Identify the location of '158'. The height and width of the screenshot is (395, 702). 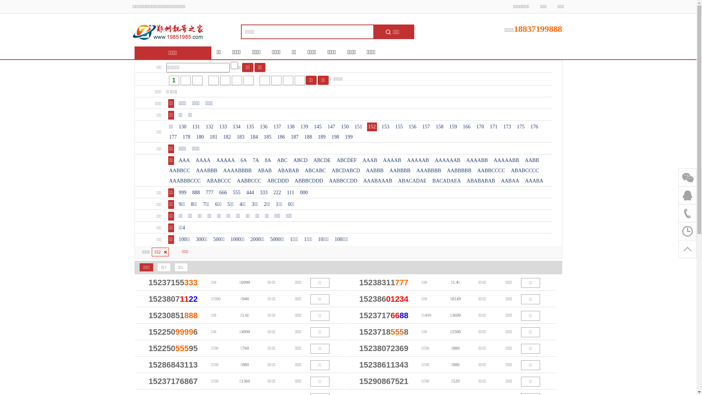
(439, 127).